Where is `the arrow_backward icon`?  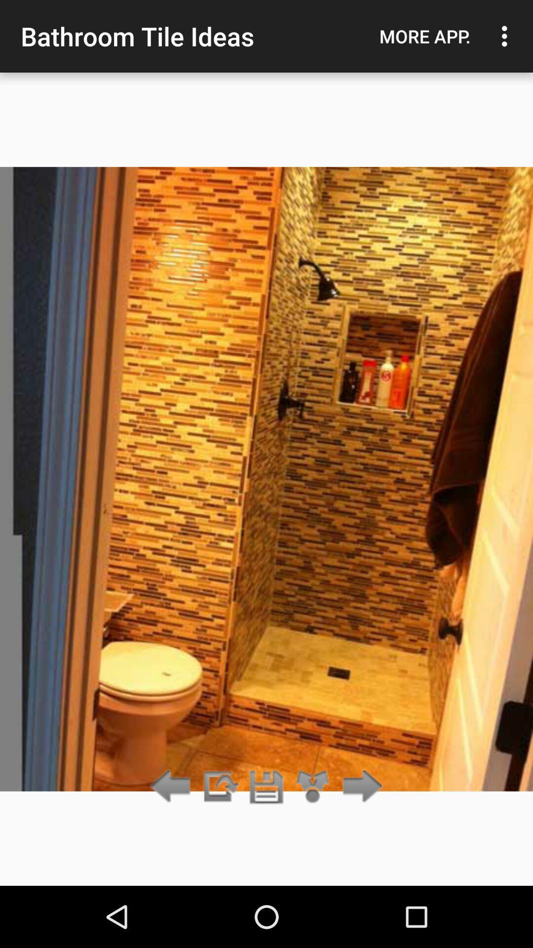 the arrow_backward icon is located at coordinates (173, 787).